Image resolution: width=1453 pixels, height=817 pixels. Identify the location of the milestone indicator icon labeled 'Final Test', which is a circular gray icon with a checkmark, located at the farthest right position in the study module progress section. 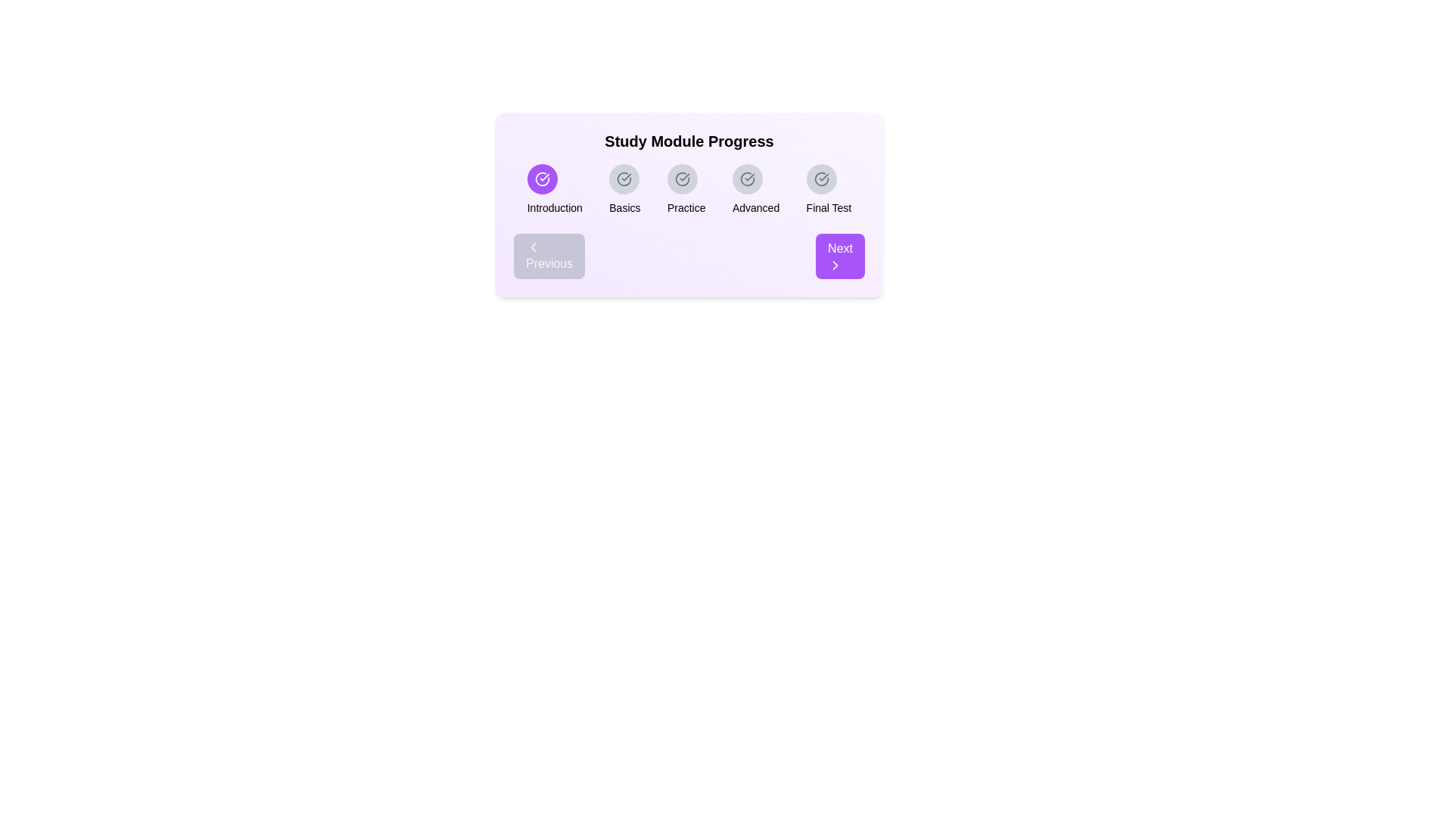
(828, 188).